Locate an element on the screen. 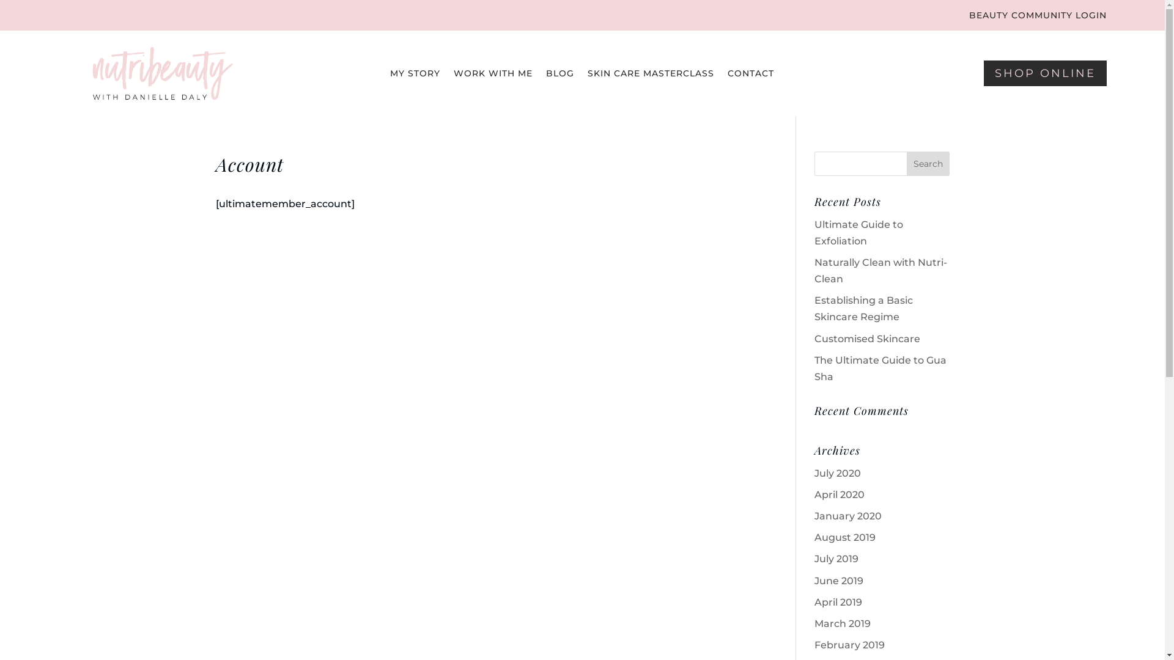  'SKIN CARE MASTERCLASS' is located at coordinates (650, 75).